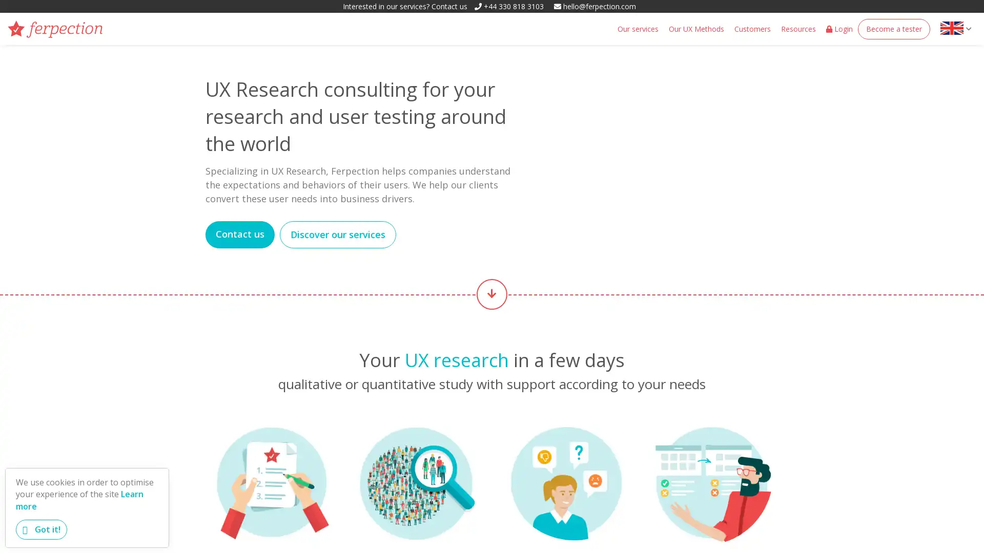 This screenshot has width=984, height=553. I want to click on learn more about cookies, so click(79, 499).